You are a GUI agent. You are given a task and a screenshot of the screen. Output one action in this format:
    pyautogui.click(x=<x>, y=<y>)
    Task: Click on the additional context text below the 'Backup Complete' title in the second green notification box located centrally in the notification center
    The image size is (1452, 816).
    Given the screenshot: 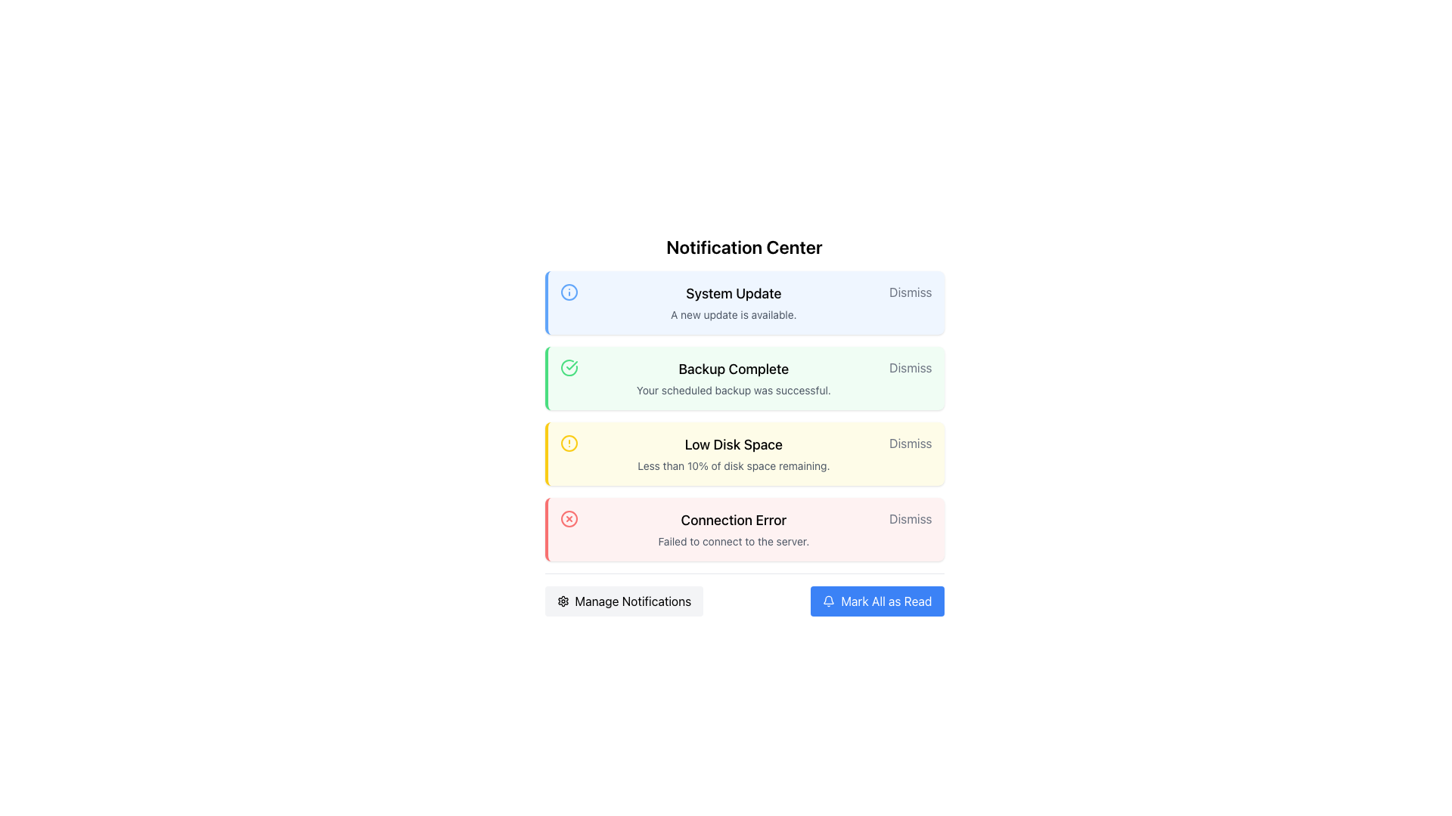 What is the action you would take?
    pyautogui.click(x=734, y=389)
    